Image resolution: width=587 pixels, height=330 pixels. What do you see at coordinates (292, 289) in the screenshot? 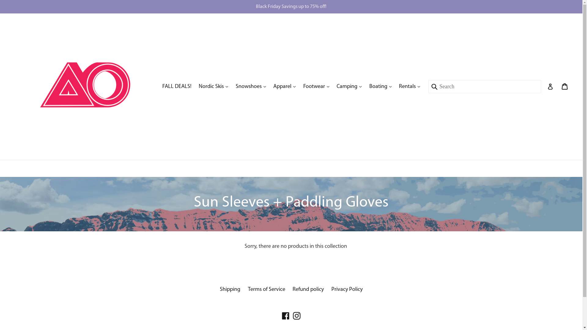
I see `'Refund policy'` at bounding box center [292, 289].